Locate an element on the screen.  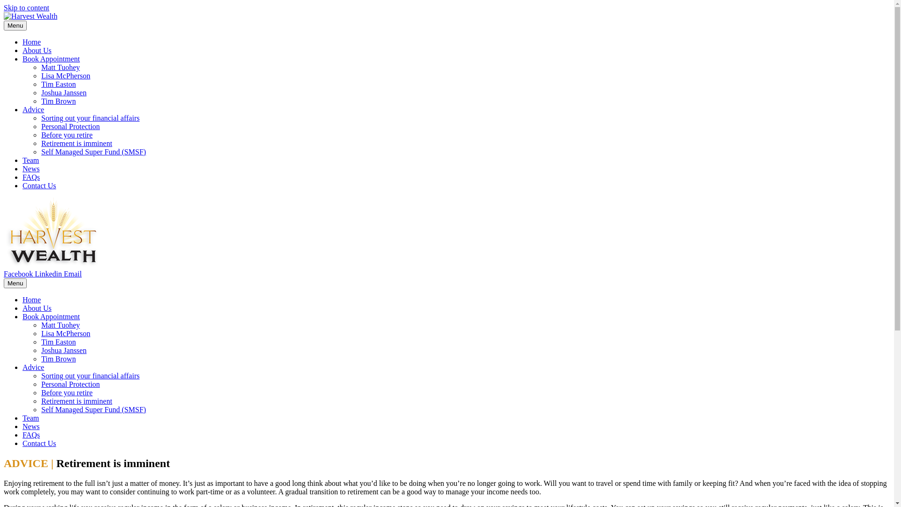
'News' is located at coordinates (31, 168).